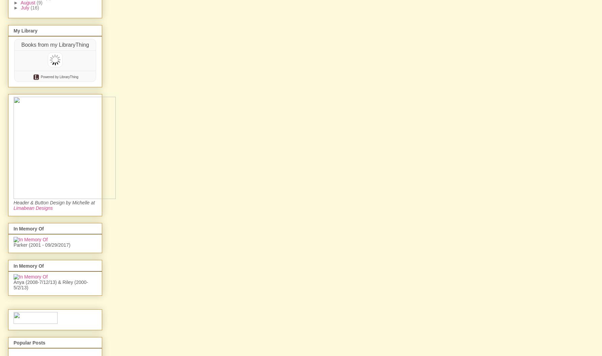  What do you see at coordinates (66, 150) in the screenshot?
I see `'by LibraryThing'` at bounding box center [66, 150].